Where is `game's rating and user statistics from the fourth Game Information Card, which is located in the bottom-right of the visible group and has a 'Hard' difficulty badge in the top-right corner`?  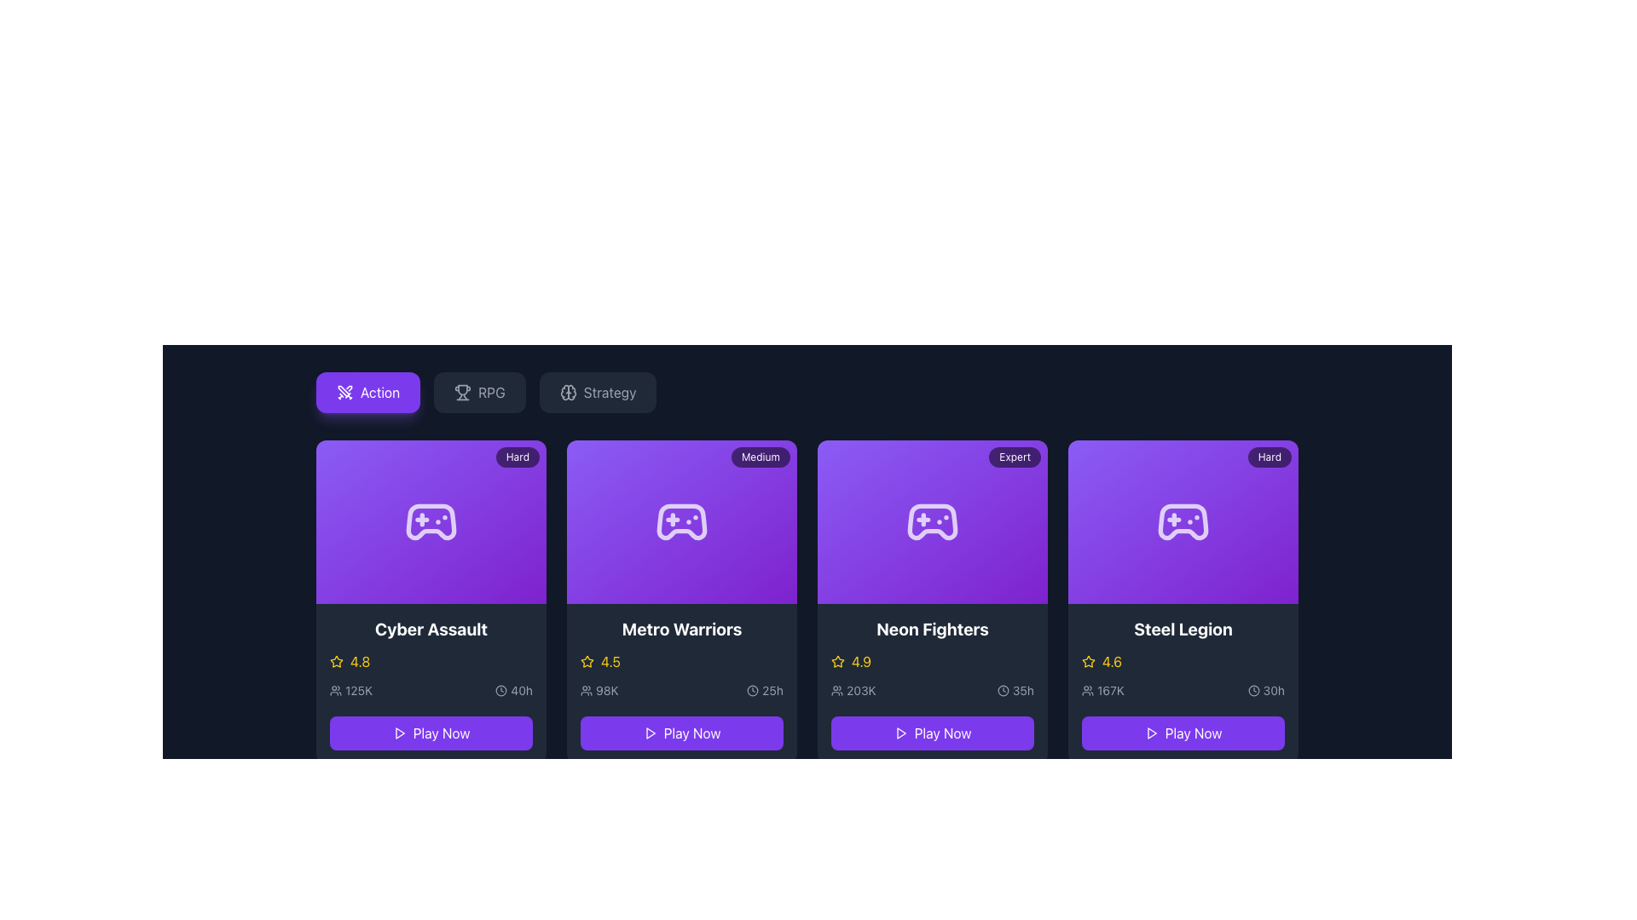 game's rating and user statistics from the fourth Game Information Card, which is located in the bottom-right of the visible group and has a 'Hard' difficulty badge in the top-right corner is located at coordinates (1182, 682).